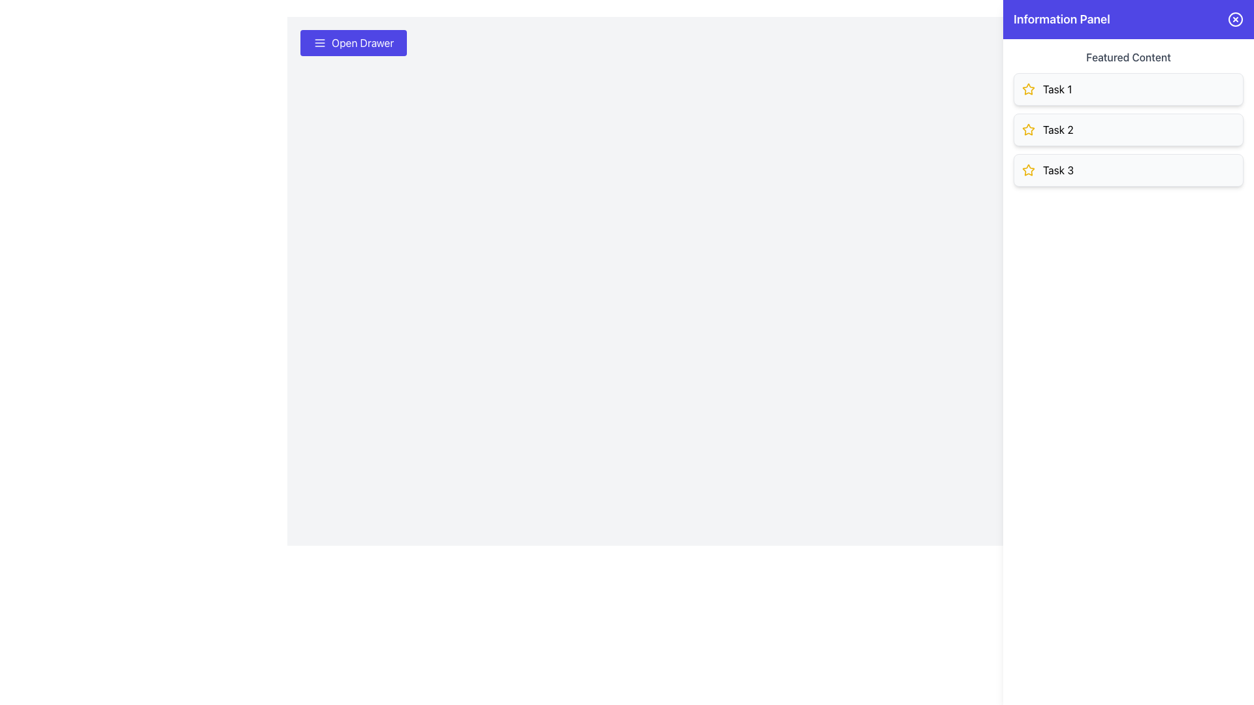  Describe the element at coordinates (1027, 170) in the screenshot. I see `the star icon indicating the rating or favorite designation for 'Task 3'` at that location.